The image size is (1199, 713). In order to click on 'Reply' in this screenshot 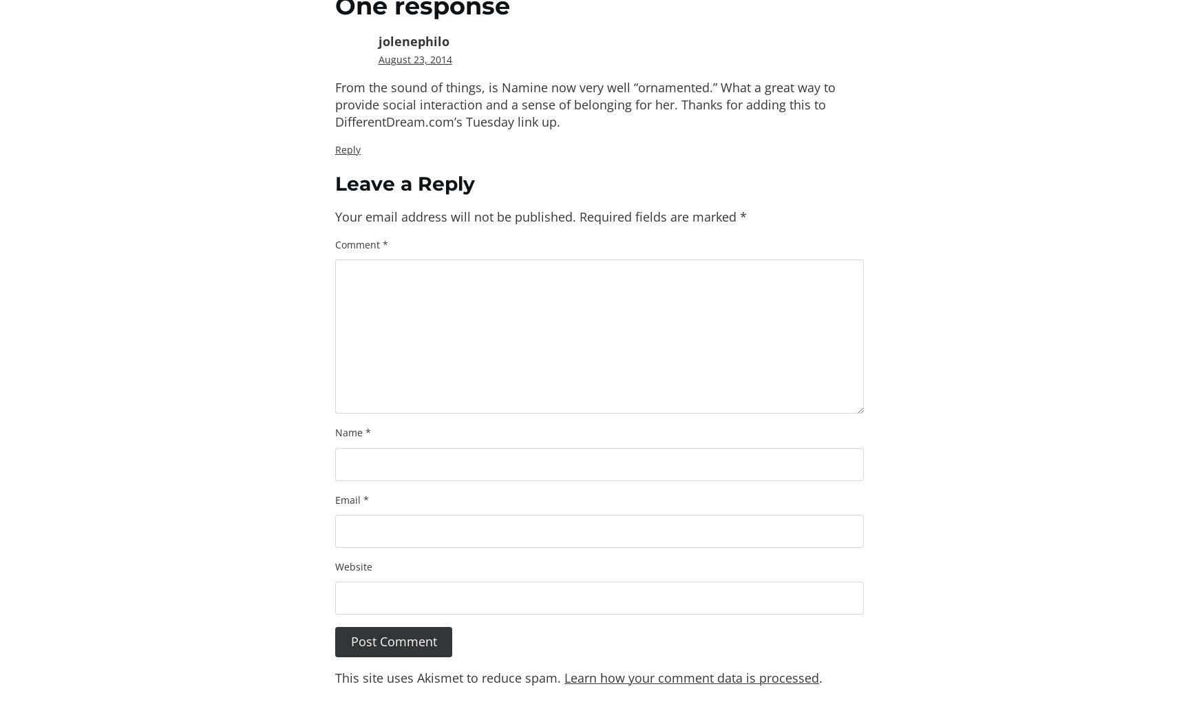, I will do `click(335, 149)`.